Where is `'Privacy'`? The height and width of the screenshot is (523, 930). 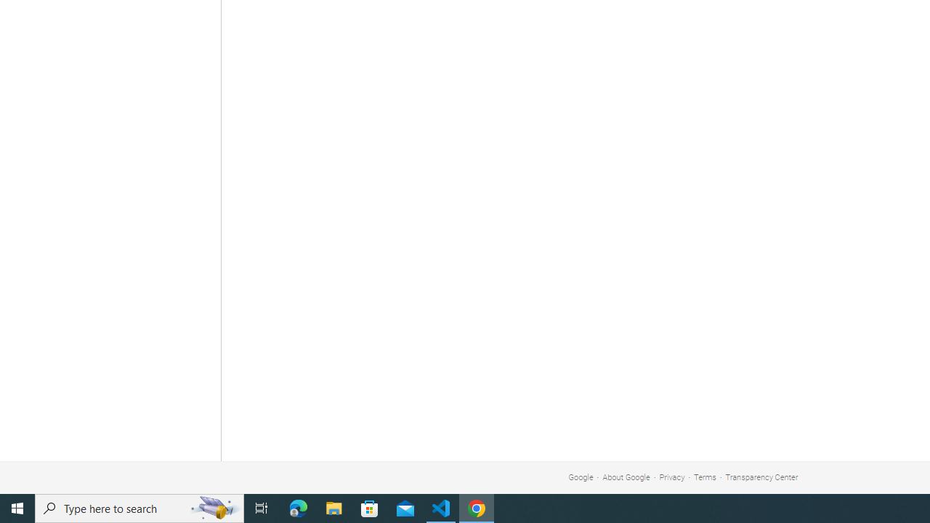 'Privacy' is located at coordinates (671, 477).